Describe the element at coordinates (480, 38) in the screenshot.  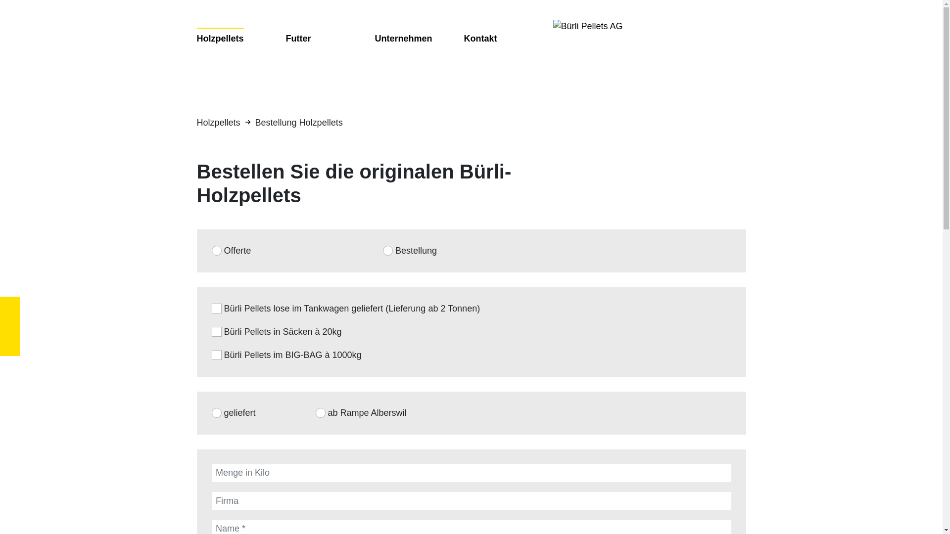
I see `'Kontakt'` at that location.